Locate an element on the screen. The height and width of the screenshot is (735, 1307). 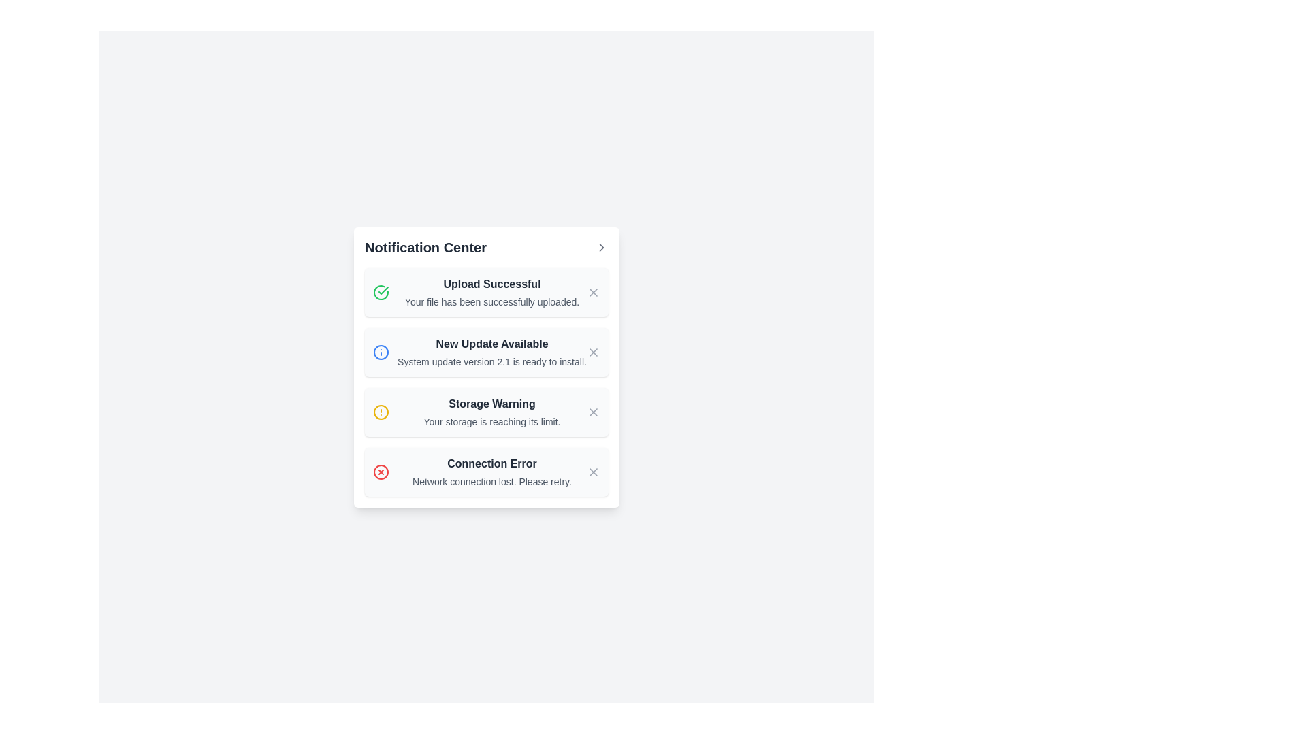
text label 'Storage Warning' which is bold and dark gray, positioned above additional context text in the notification is located at coordinates (491, 403).